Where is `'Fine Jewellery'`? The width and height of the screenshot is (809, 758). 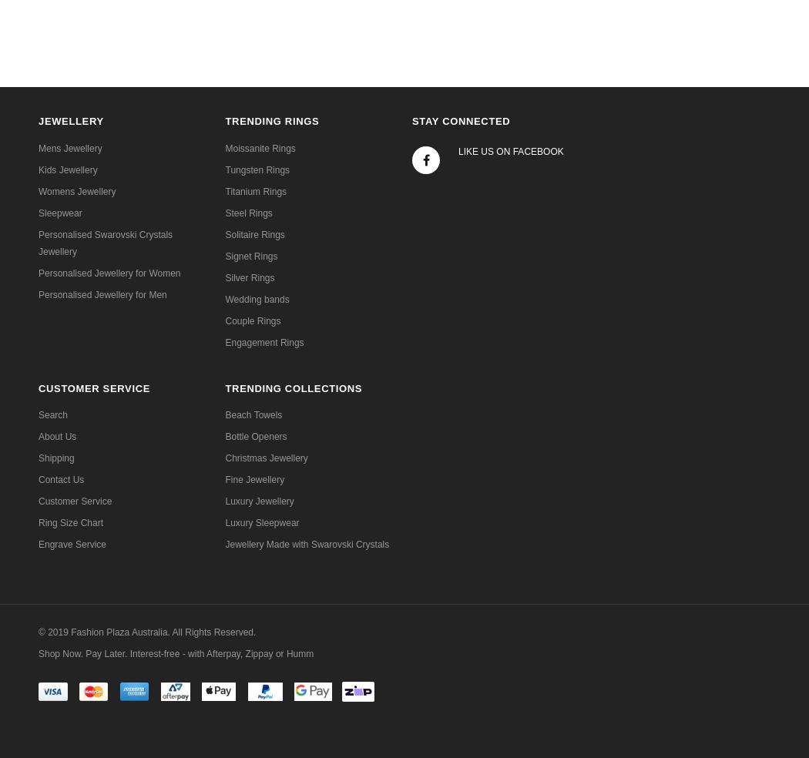
'Fine Jewellery' is located at coordinates (254, 478).